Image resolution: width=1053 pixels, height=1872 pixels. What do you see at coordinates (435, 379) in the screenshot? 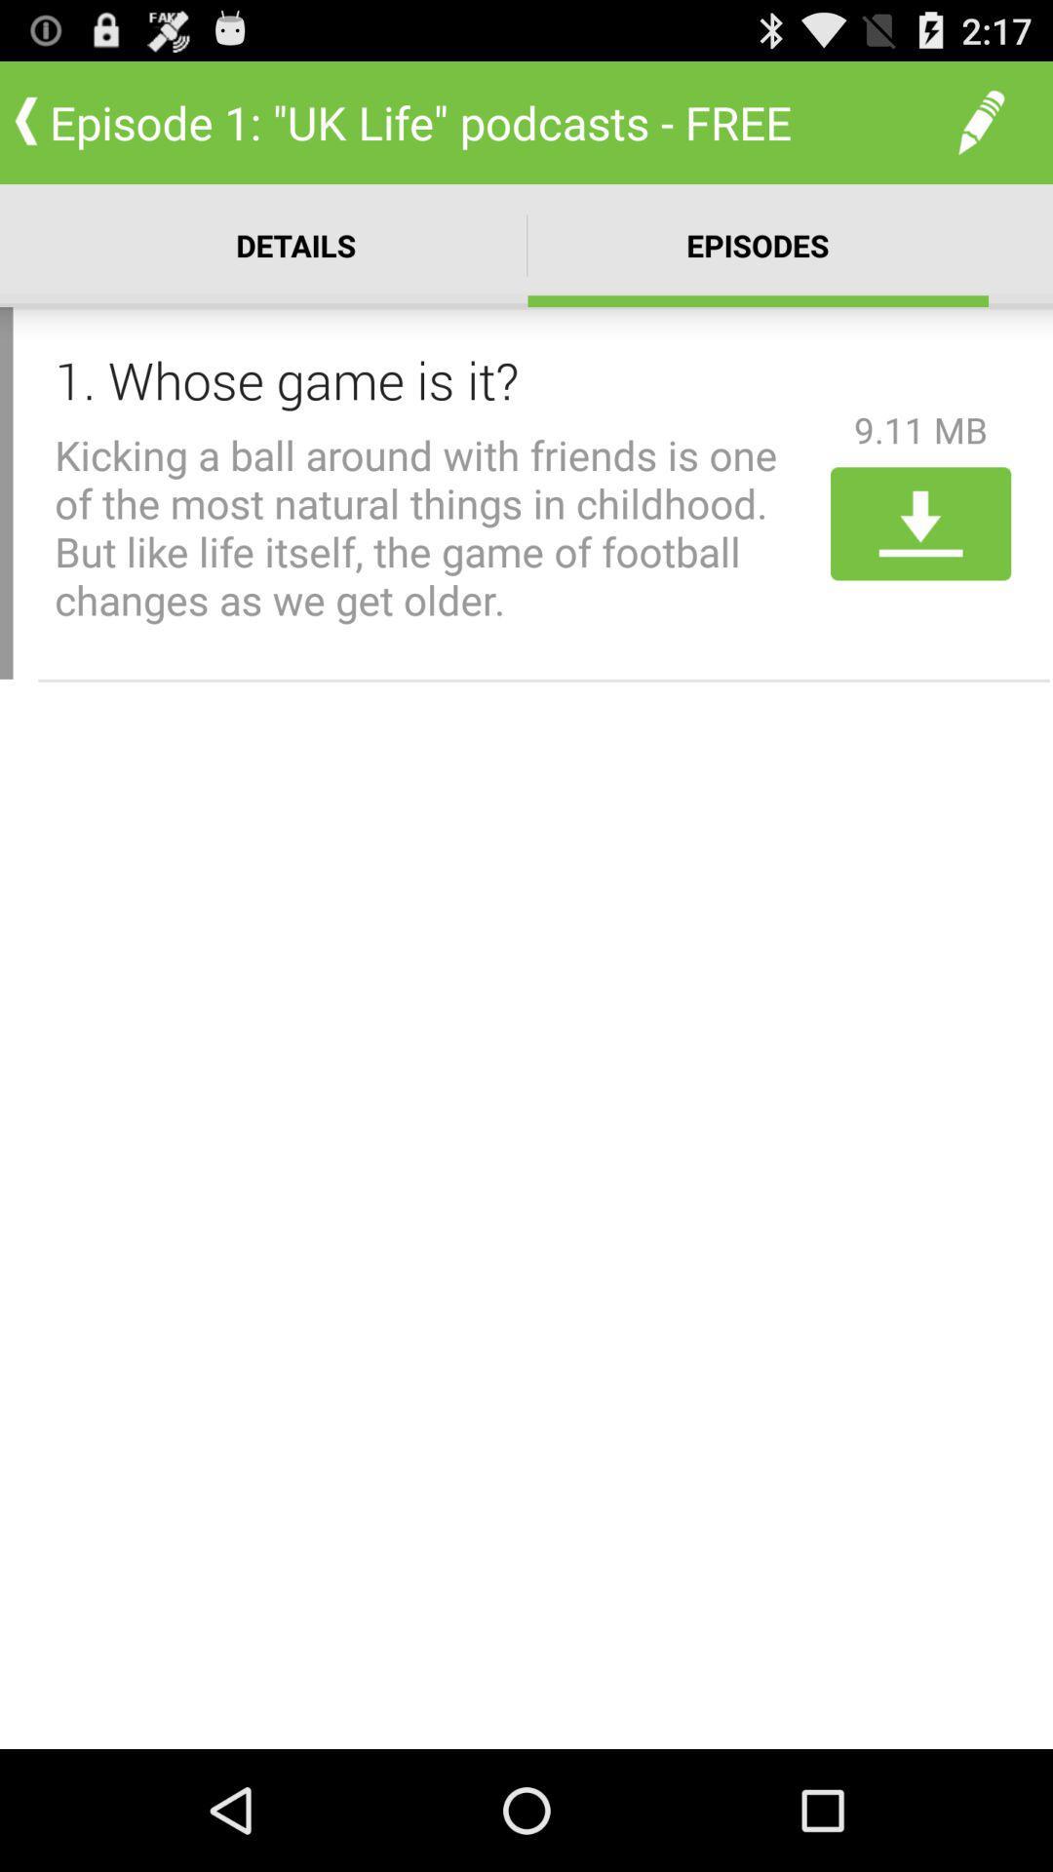
I see `the item above the kicking a ball app` at bounding box center [435, 379].